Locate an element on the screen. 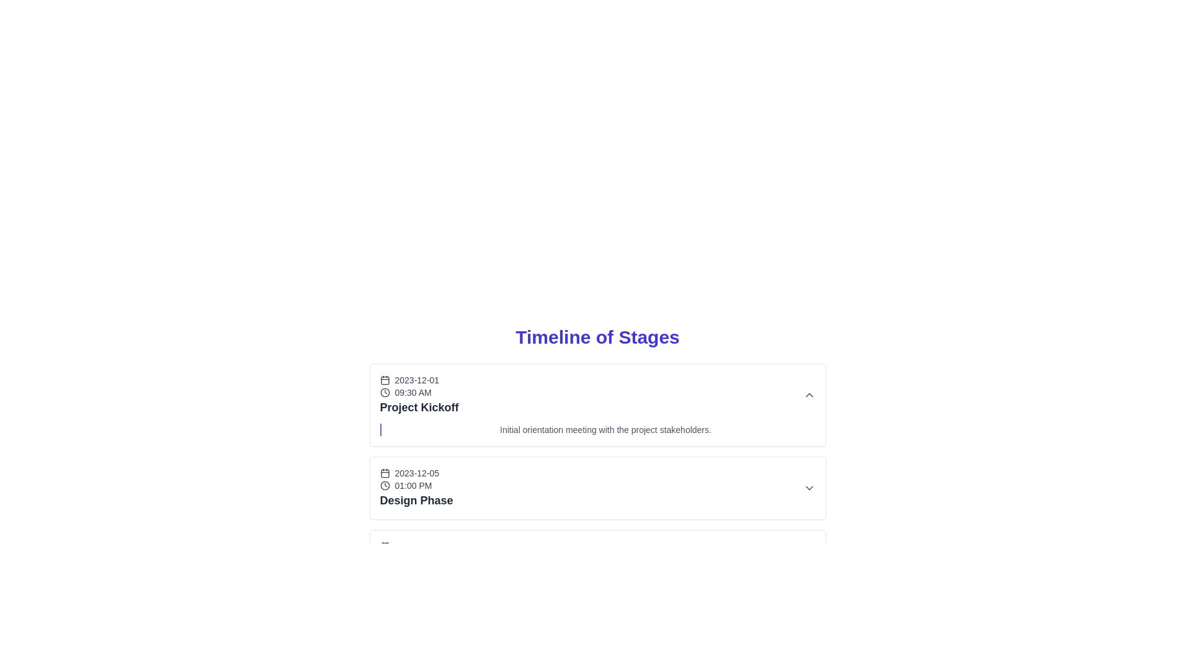 The image size is (1191, 670). the text display showing '01:00 PM' with an associated clock icon, located beneath the date '2023-12-05' in the 'Design Phase' section of the timeline layout is located at coordinates (416, 485).